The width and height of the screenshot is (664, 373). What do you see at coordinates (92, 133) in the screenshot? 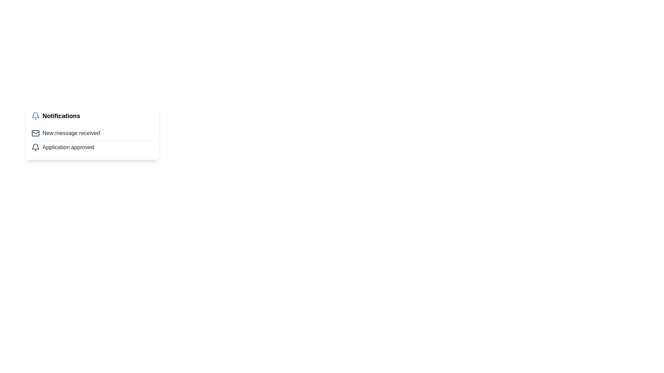
I see `the Notification item, which features an envelope icon and the text 'New message received', to read the notification` at bounding box center [92, 133].